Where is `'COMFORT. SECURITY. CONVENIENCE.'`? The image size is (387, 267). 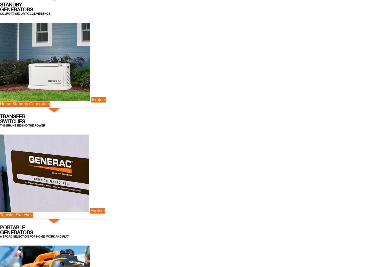 'COMFORT. SECURITY. CONVENIENCE.' is located at coordinates (25, 13).